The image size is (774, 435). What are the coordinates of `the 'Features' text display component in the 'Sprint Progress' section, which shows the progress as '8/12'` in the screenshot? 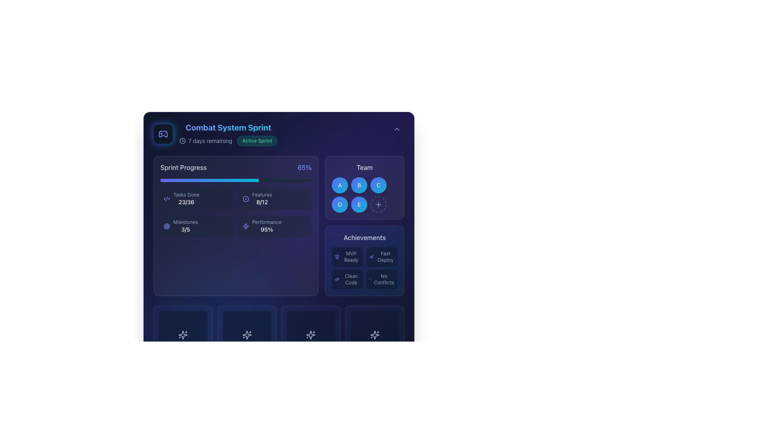 It's located at (262, 199).